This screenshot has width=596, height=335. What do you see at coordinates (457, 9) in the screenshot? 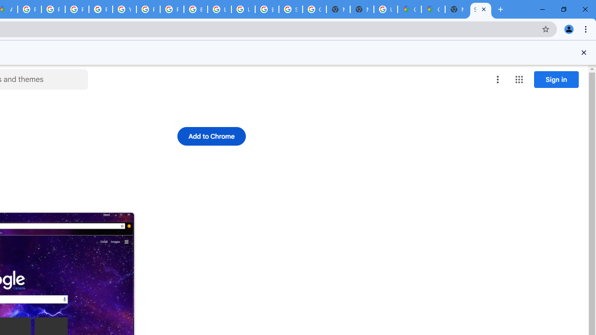
I see `'New Tab'` at bounding box center [457, 9].